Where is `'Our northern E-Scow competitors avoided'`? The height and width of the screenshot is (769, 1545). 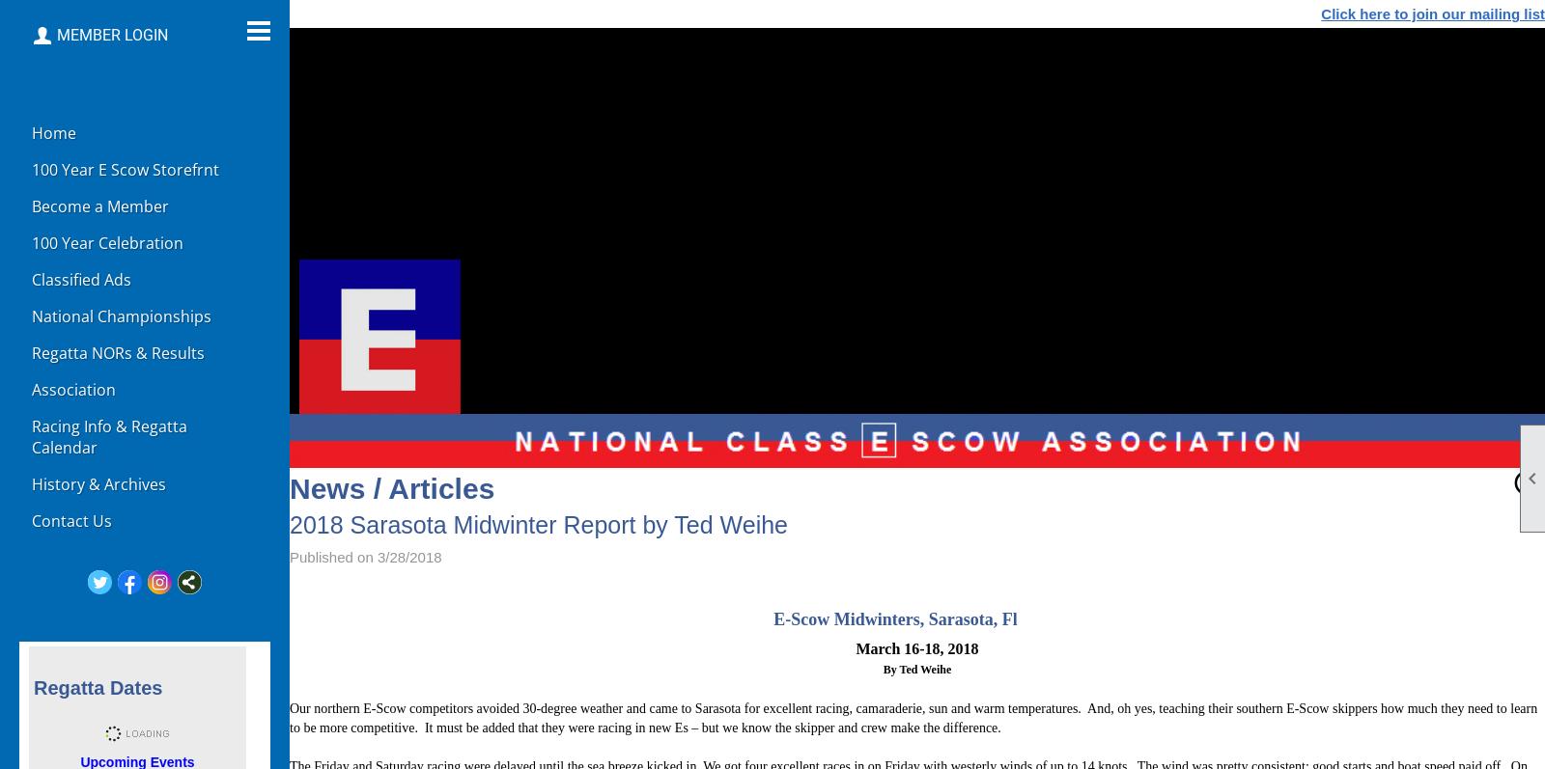
'Our northern E-Scow competitors avoided' is located at coordinates (405, 707).